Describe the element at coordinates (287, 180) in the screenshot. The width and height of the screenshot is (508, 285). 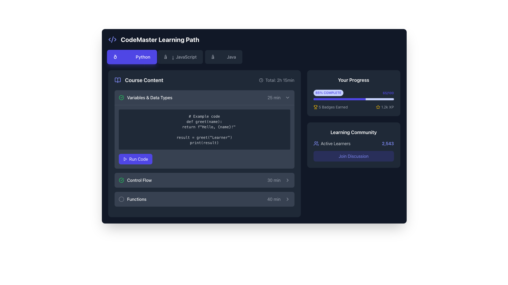
I see `the navigation chevron icon for the 'Control Flow' section` at that location.